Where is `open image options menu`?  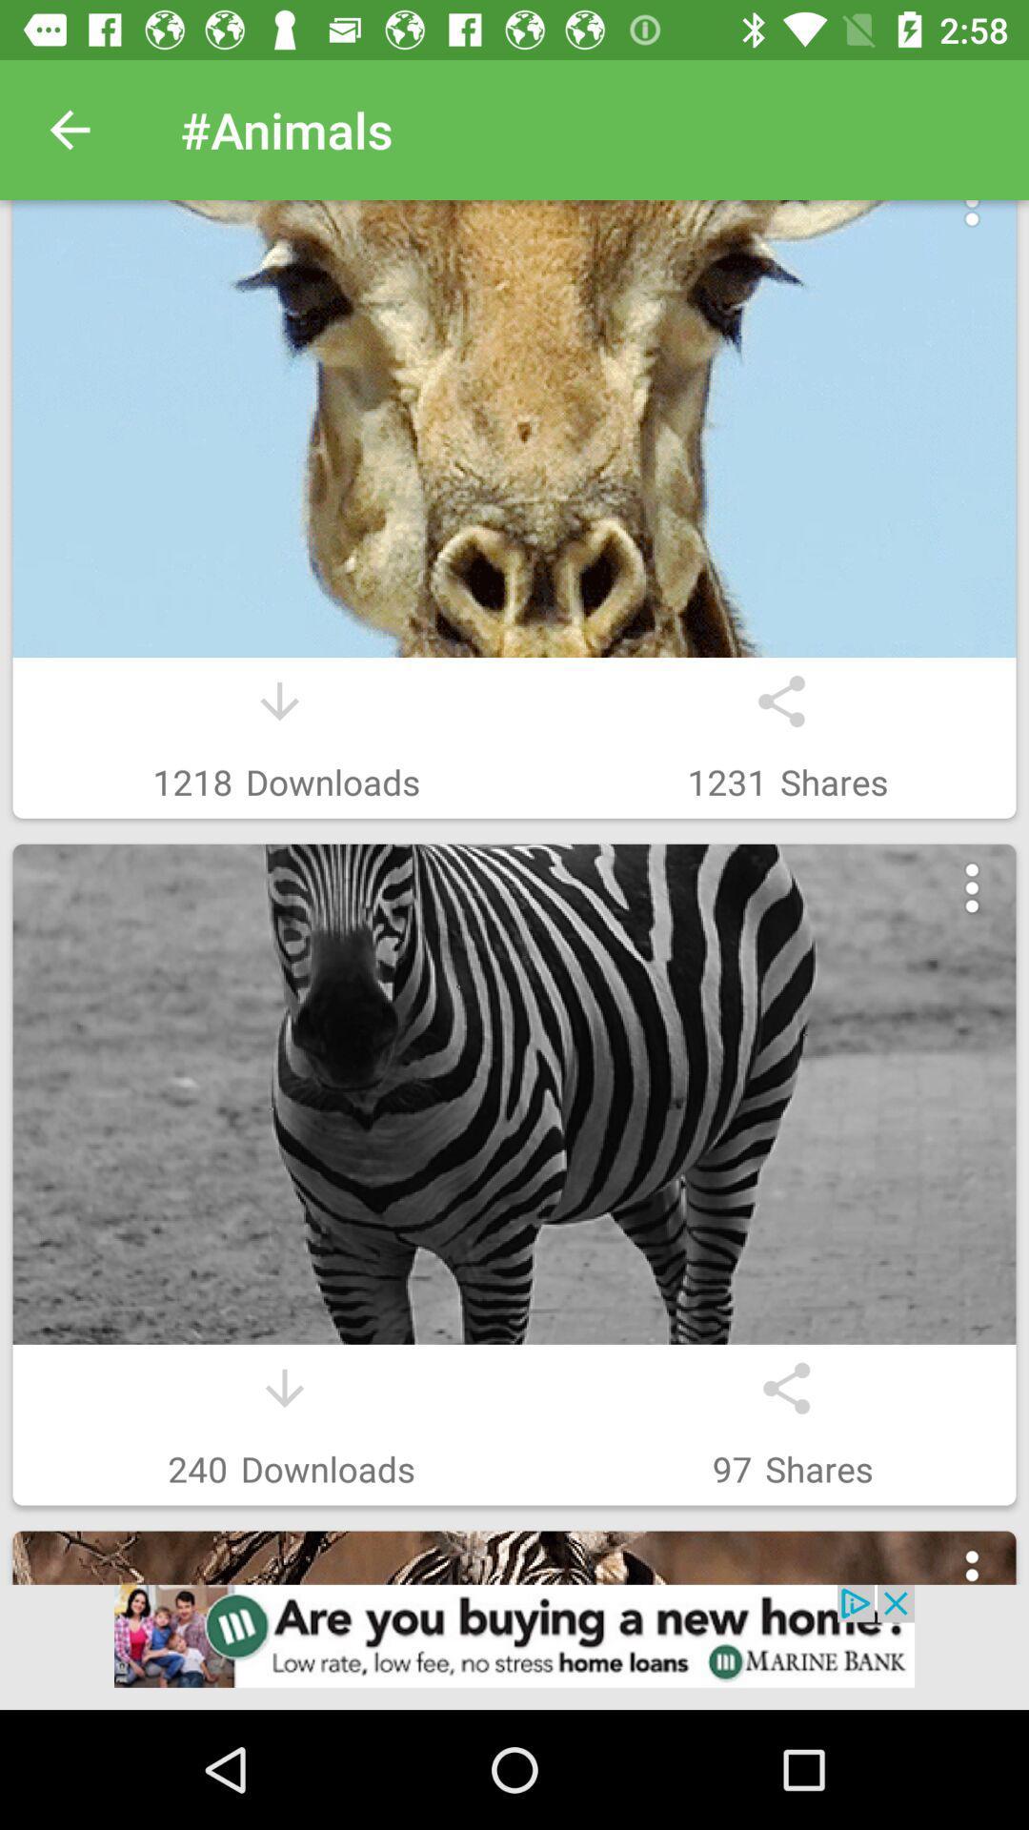 open image options menu is located at coordinates (972, 1575).